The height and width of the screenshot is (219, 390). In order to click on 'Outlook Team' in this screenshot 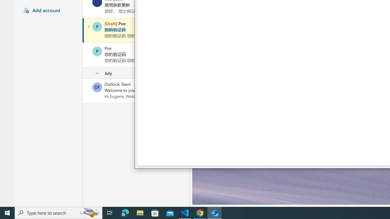, I will do `click(97, 87)`.